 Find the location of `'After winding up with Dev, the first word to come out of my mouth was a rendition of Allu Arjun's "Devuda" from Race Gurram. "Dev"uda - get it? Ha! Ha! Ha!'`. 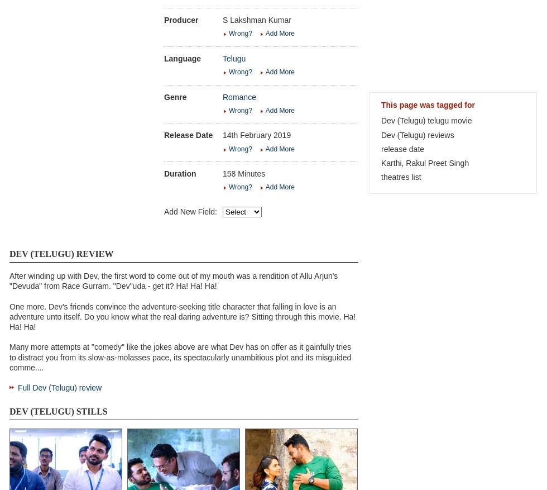

'After winding up with Dev, the first word to come out of my mouth was a rendition of Allu Arjun's "Devuda" from Race Gurram. "Dev"uda - get it? Ha! Ha! Ha!' is located at coordinates (173, 280).